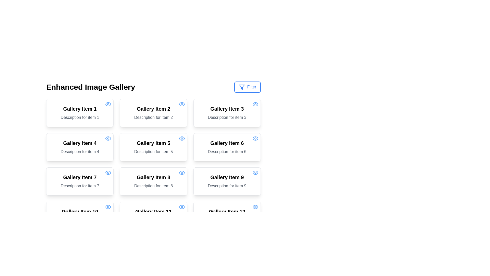 The height and width of the screenshot is (276, 490). I want to click on text of the label displaying 'Gallery Item 10', which is the title of the fourth item in the second row of a 3x4 grid layout, so click(80, 212).